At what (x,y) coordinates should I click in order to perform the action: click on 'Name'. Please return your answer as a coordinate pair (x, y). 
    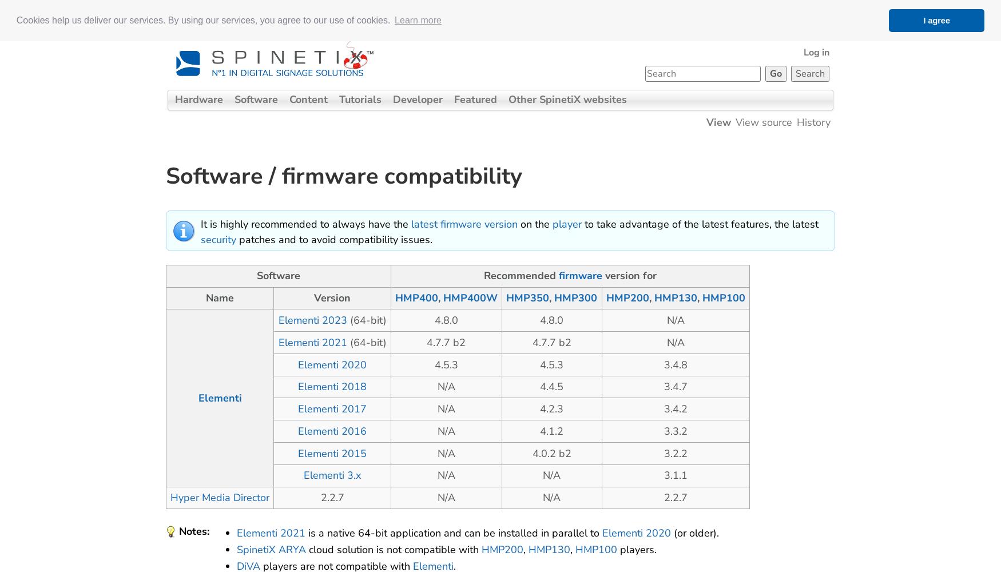
    Looking at the image, I should click on (219, 298).